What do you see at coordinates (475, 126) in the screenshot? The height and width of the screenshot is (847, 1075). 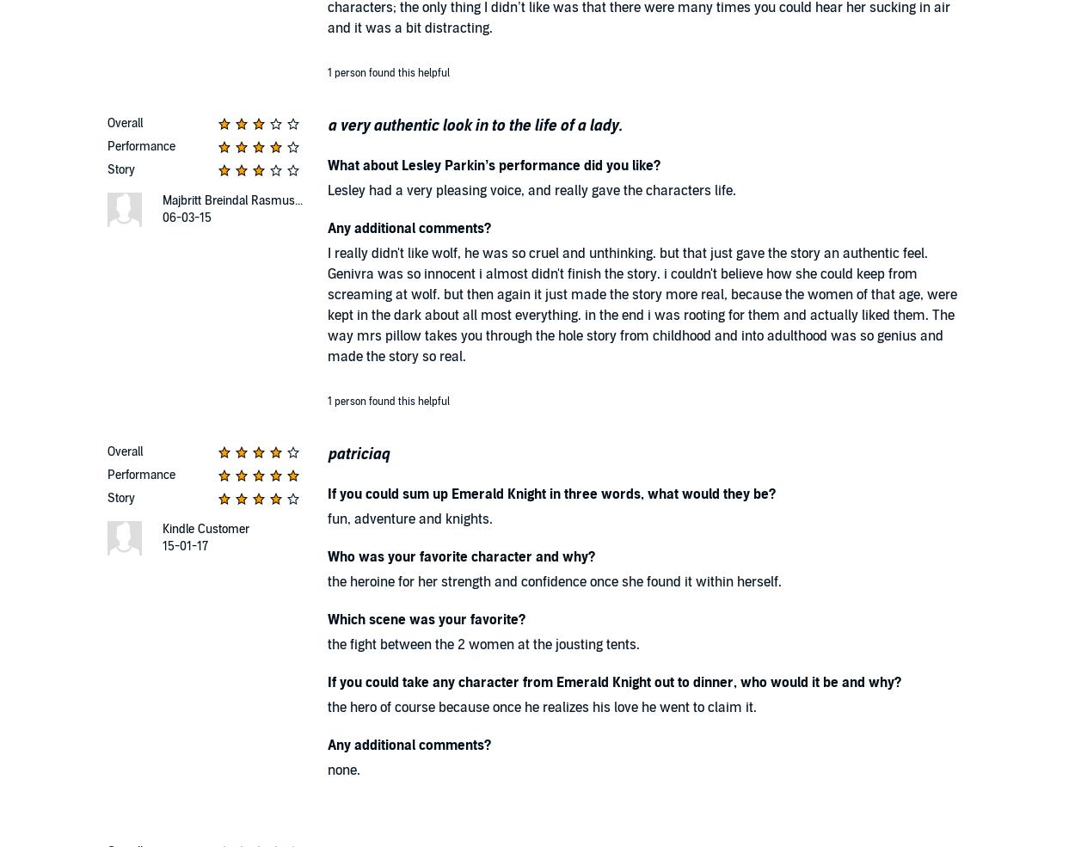 I see `'a very authentic look in to the life of a lady.'` at bounding box center [475, 126].